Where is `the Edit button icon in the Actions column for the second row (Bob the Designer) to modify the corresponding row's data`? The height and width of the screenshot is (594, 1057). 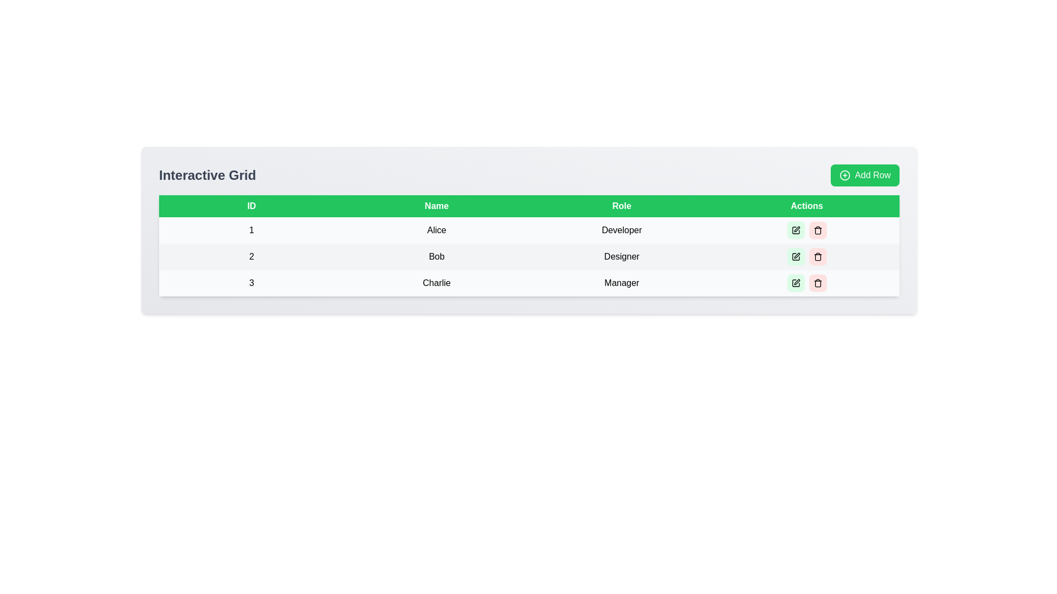 the Edit button icon in the Actions column for the second row (Bob the Designer) to modify the corresponding row's data is located at coordinates (796, 256).